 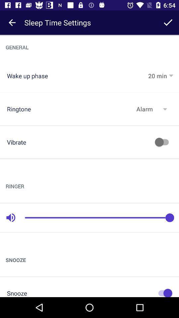 I want to click on setting the vibrate, so click(x=163, y=142).